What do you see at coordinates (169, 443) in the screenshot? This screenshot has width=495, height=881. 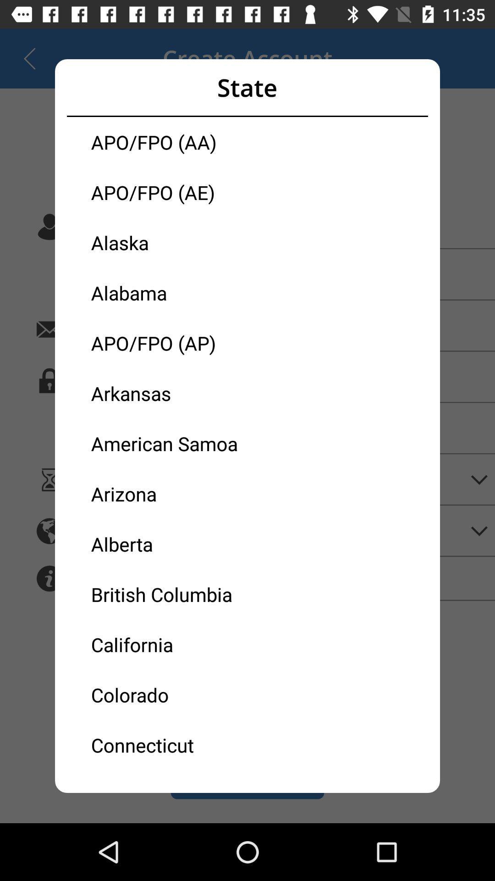 I see `the american samoa` at bounding box center [169, 443].